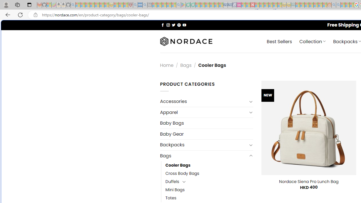 This screenshot has width=361, height=203. What do you see at coordinates (209, 165) in the screenshot?
I see `'Cooler Bags'` at bounding box center [209, 165].